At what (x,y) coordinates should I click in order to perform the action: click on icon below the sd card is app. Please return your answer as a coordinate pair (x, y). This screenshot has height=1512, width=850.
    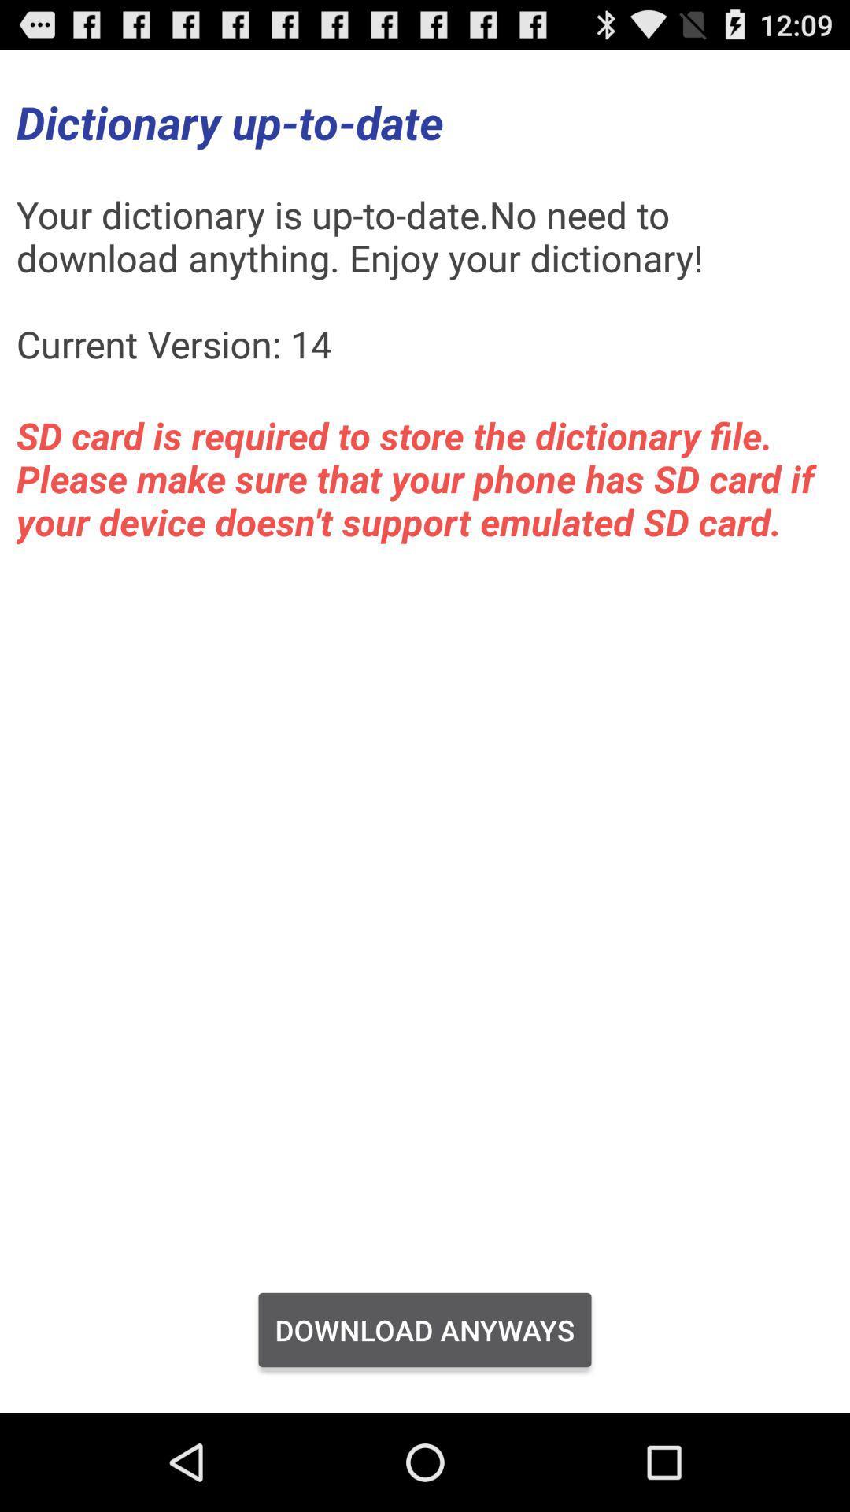
    Looking at the image, I should click on (425, 1329).